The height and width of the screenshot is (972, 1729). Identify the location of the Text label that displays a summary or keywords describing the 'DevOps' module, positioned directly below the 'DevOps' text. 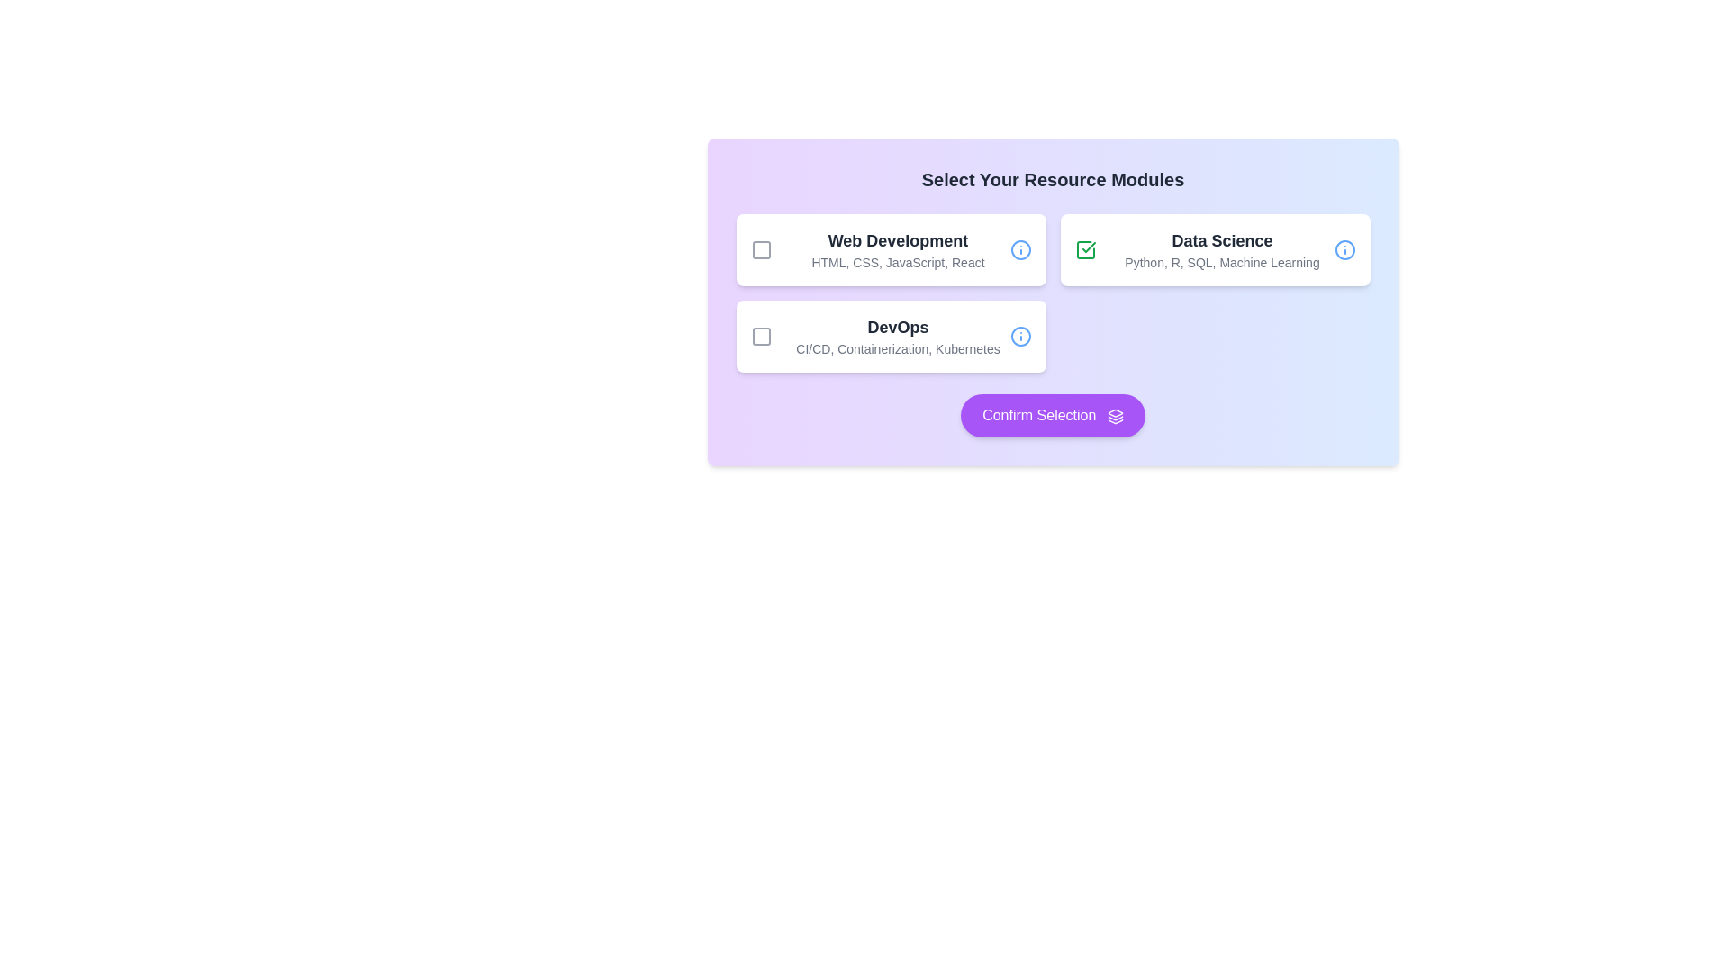
(898, 349).